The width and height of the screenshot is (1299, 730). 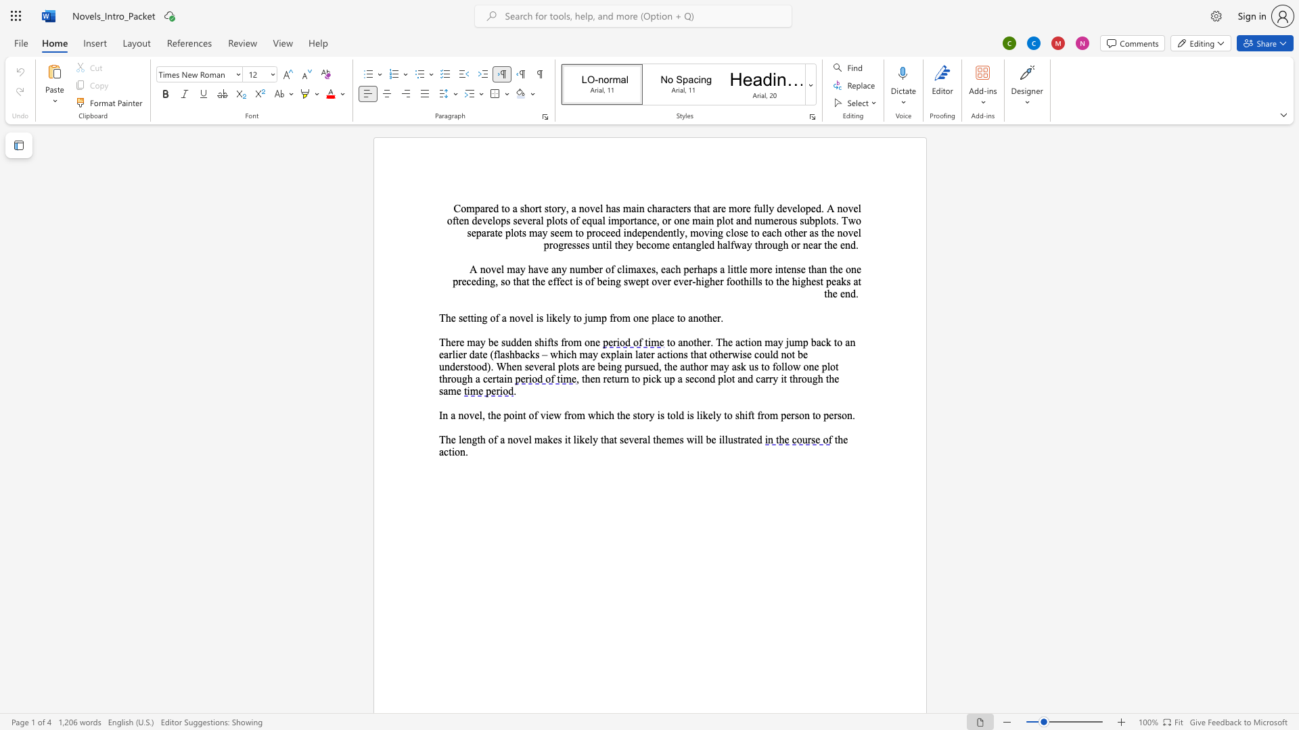 I want to click on the 10th character "o" in the text, so click(x=817, y=414).